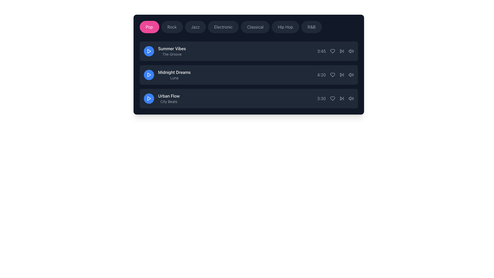  Describe the element at coordinates (332, 75) in the screenshot. I see `the heart icon located on the right side of the 'Midnight Dreams' music track entry` at that location.